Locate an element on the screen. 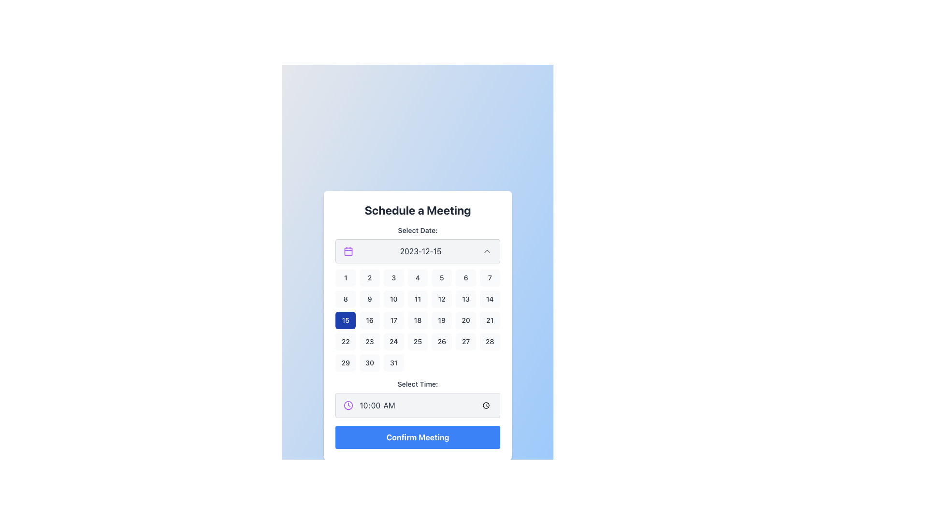 The image size is (928, 522). the calendar cell displaying the number '27' in the fifth row and sixth column is located at coordinates (466, 341).